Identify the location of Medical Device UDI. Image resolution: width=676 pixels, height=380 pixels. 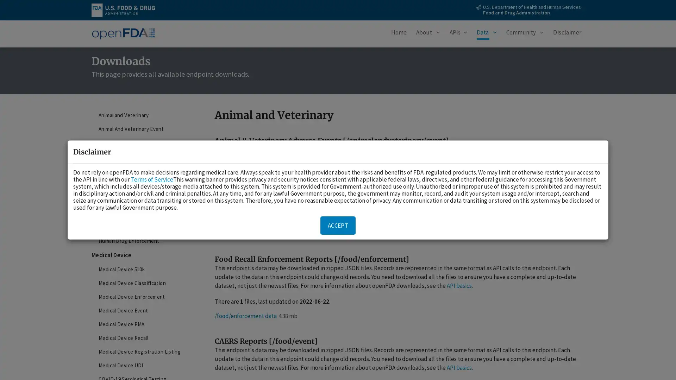
(144, 365).